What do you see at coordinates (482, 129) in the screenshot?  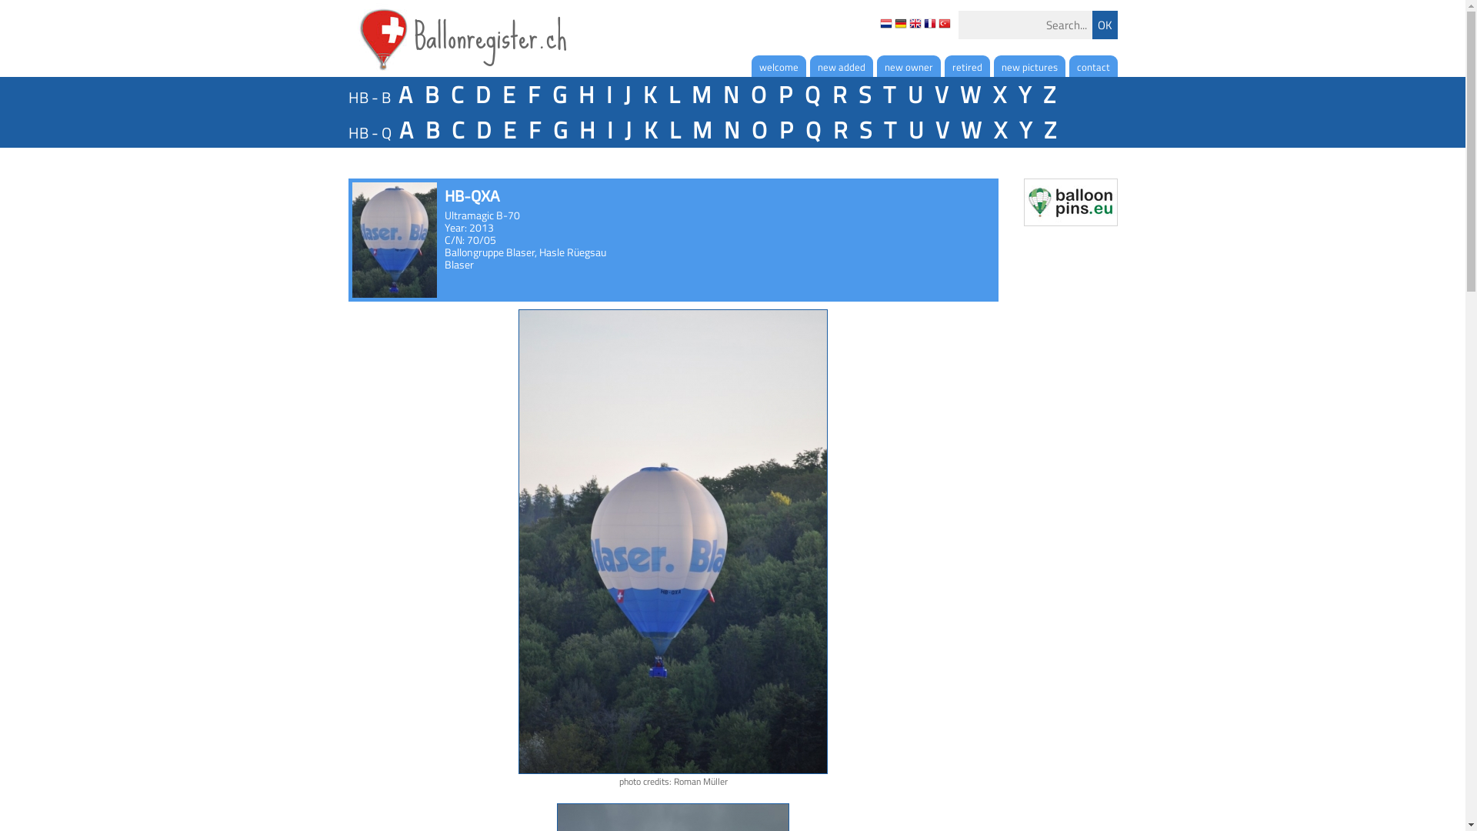 I see `'D'` at bounding box center [482, 129].